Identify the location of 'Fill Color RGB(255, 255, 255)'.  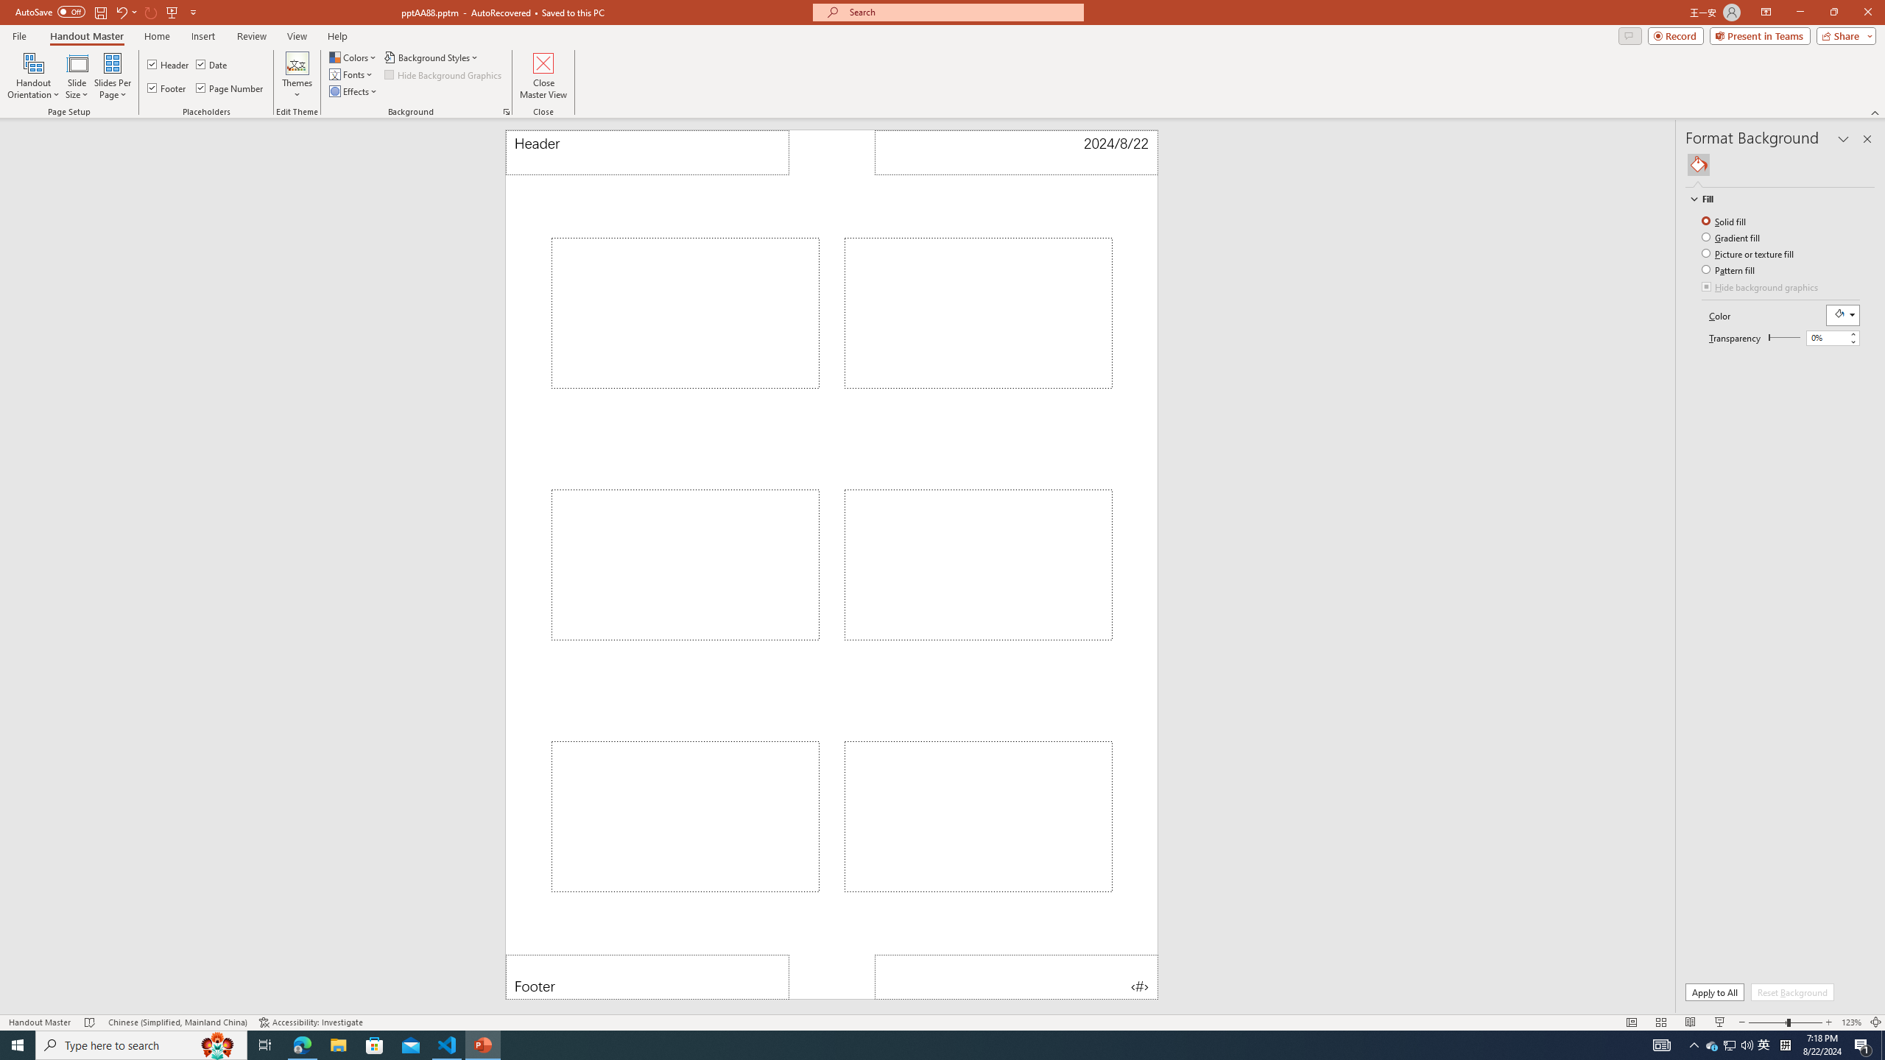
(1842, 315).